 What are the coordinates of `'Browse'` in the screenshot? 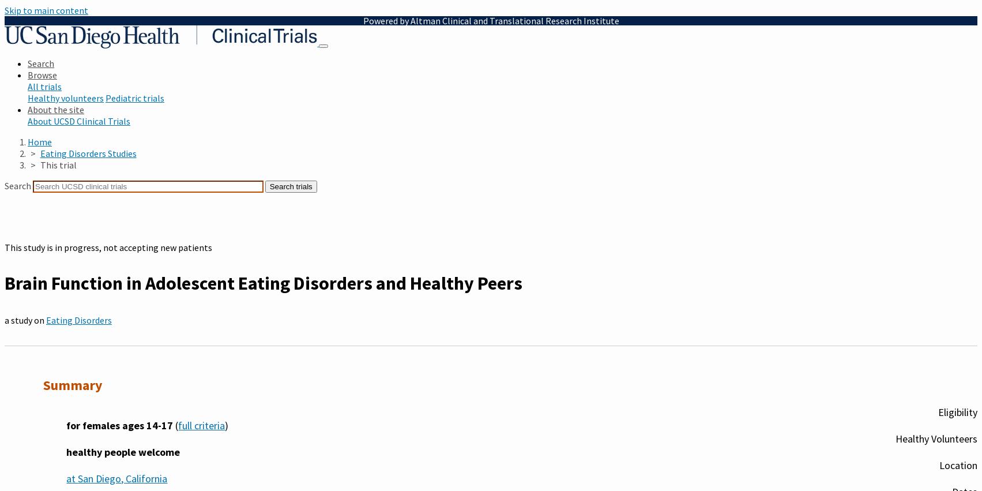 It's located at (42, 75).